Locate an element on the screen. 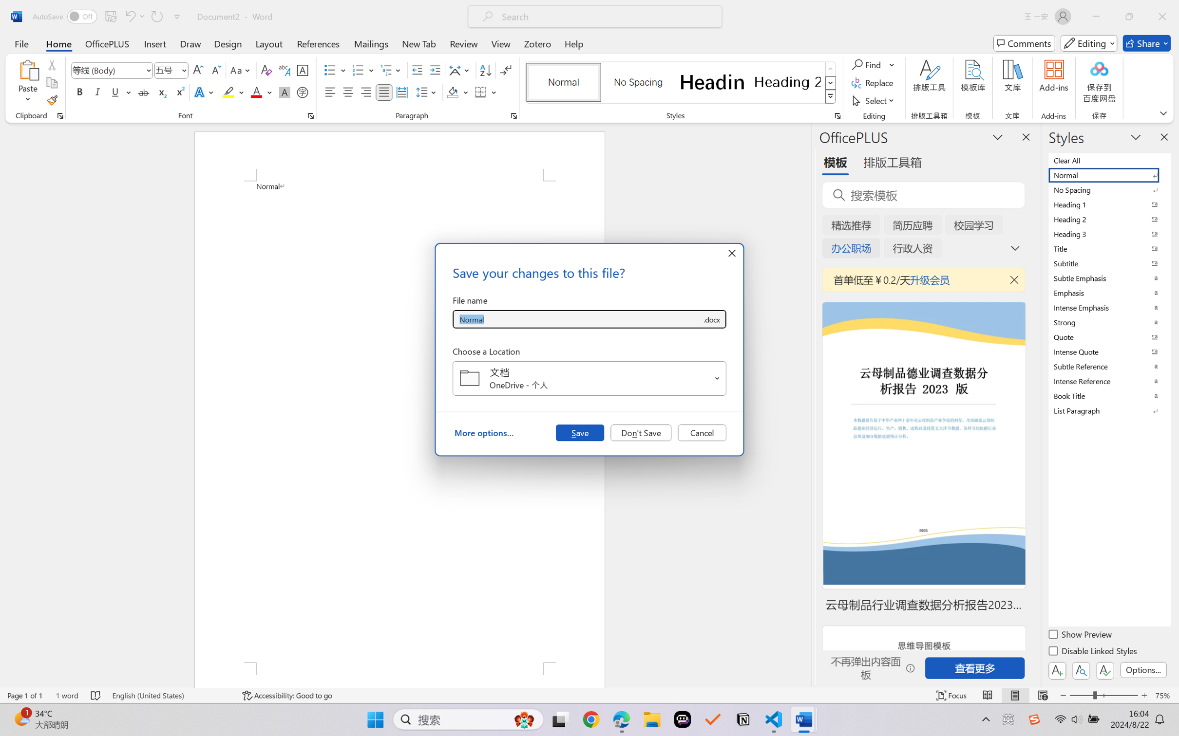 The width and height of the screenshot is (1179, 736). 'Zoom Out' is located at coordinates (1081, 695).